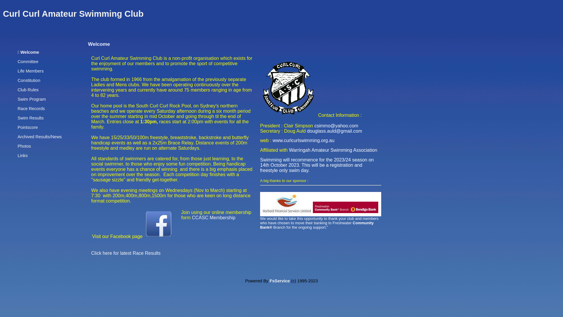 This screenshot has height=317, width=563. What do you see at coordinates (17, 80) in the screenshot?
I see `'Constitution'` at bounding box center [17, 80].